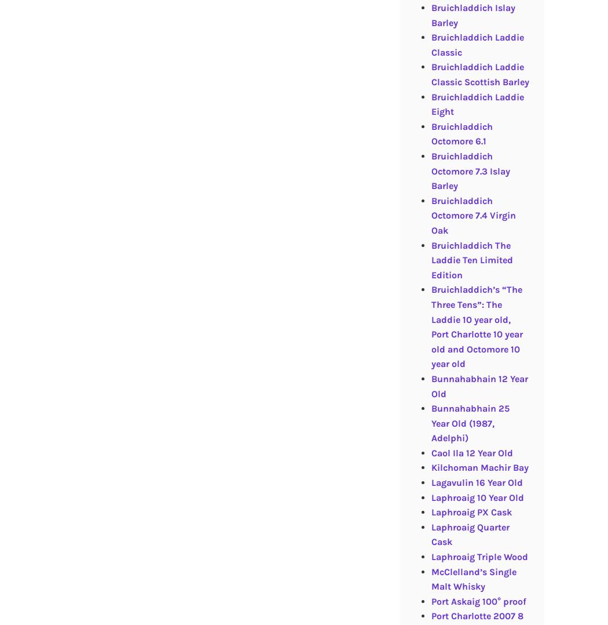 The width and height of the screenshot is (608, 625). I want to click on 'Bruichladdich Octomore 7.4 Virgin Oak', so click(473, 215).